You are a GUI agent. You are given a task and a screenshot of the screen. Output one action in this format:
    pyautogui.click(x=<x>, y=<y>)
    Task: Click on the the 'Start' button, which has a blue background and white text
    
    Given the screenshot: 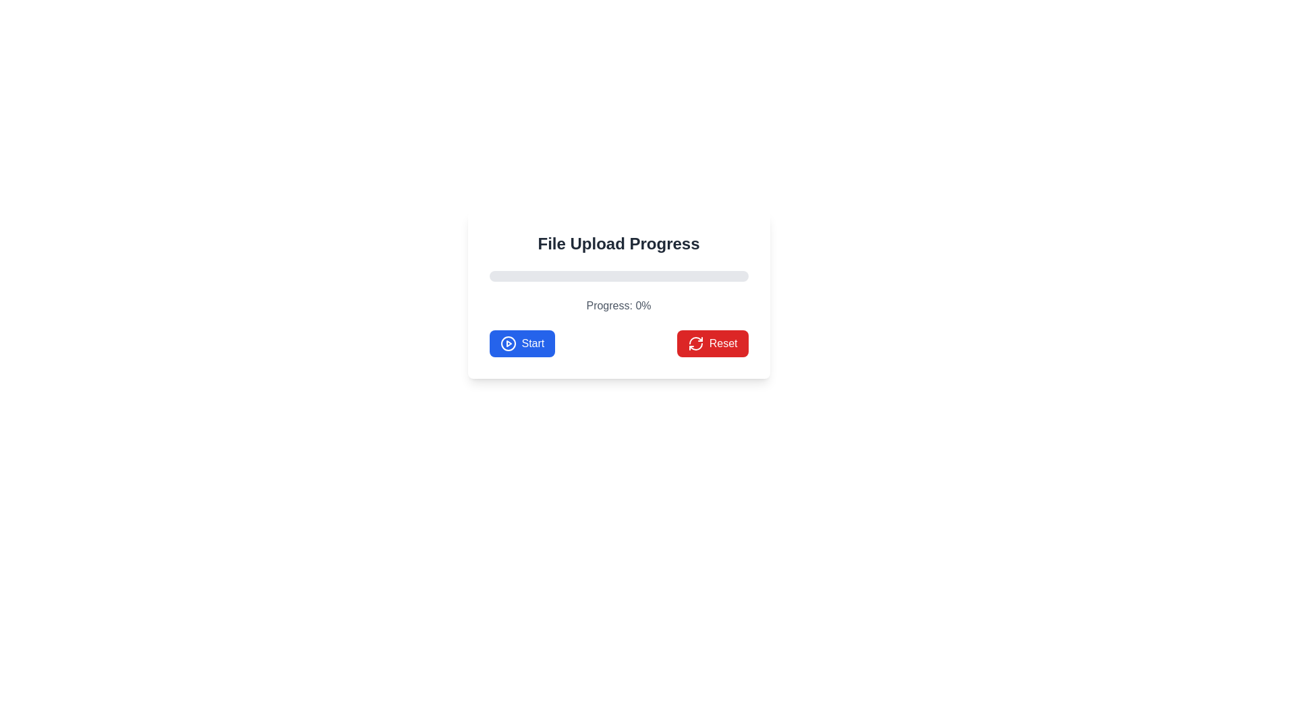 What is the action you would take?
    pyautogui.click(x=521, y=342)
    